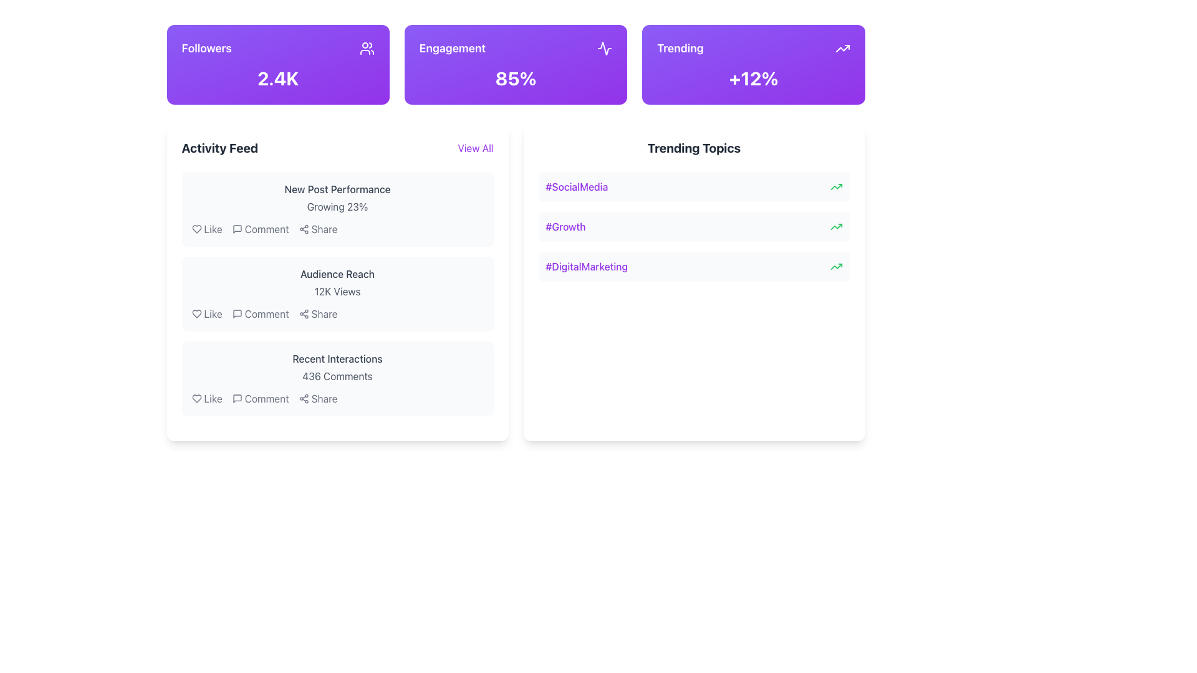 Image resolution: width=1197 pixels, height=673 pixels. I want to click on the upward trending green arrow icon located to the right of the '#SocialMedia' text in the 'Trending Topics' section, so click(836, 187).